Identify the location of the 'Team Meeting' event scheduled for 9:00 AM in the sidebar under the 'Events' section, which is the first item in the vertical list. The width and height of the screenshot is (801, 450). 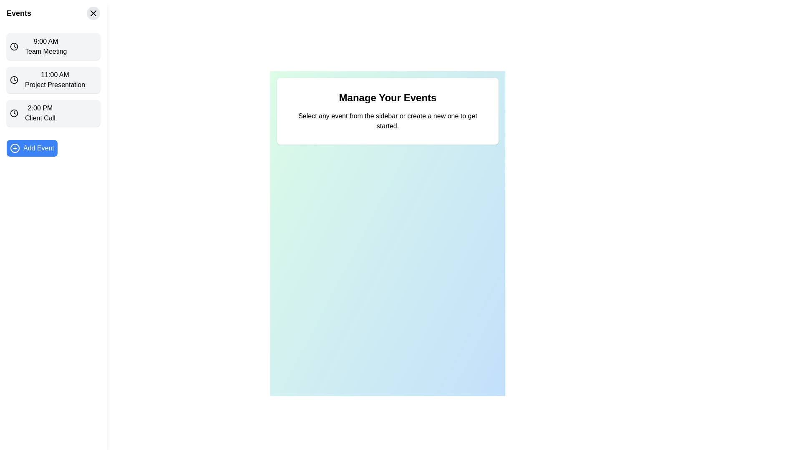
(45, 46).